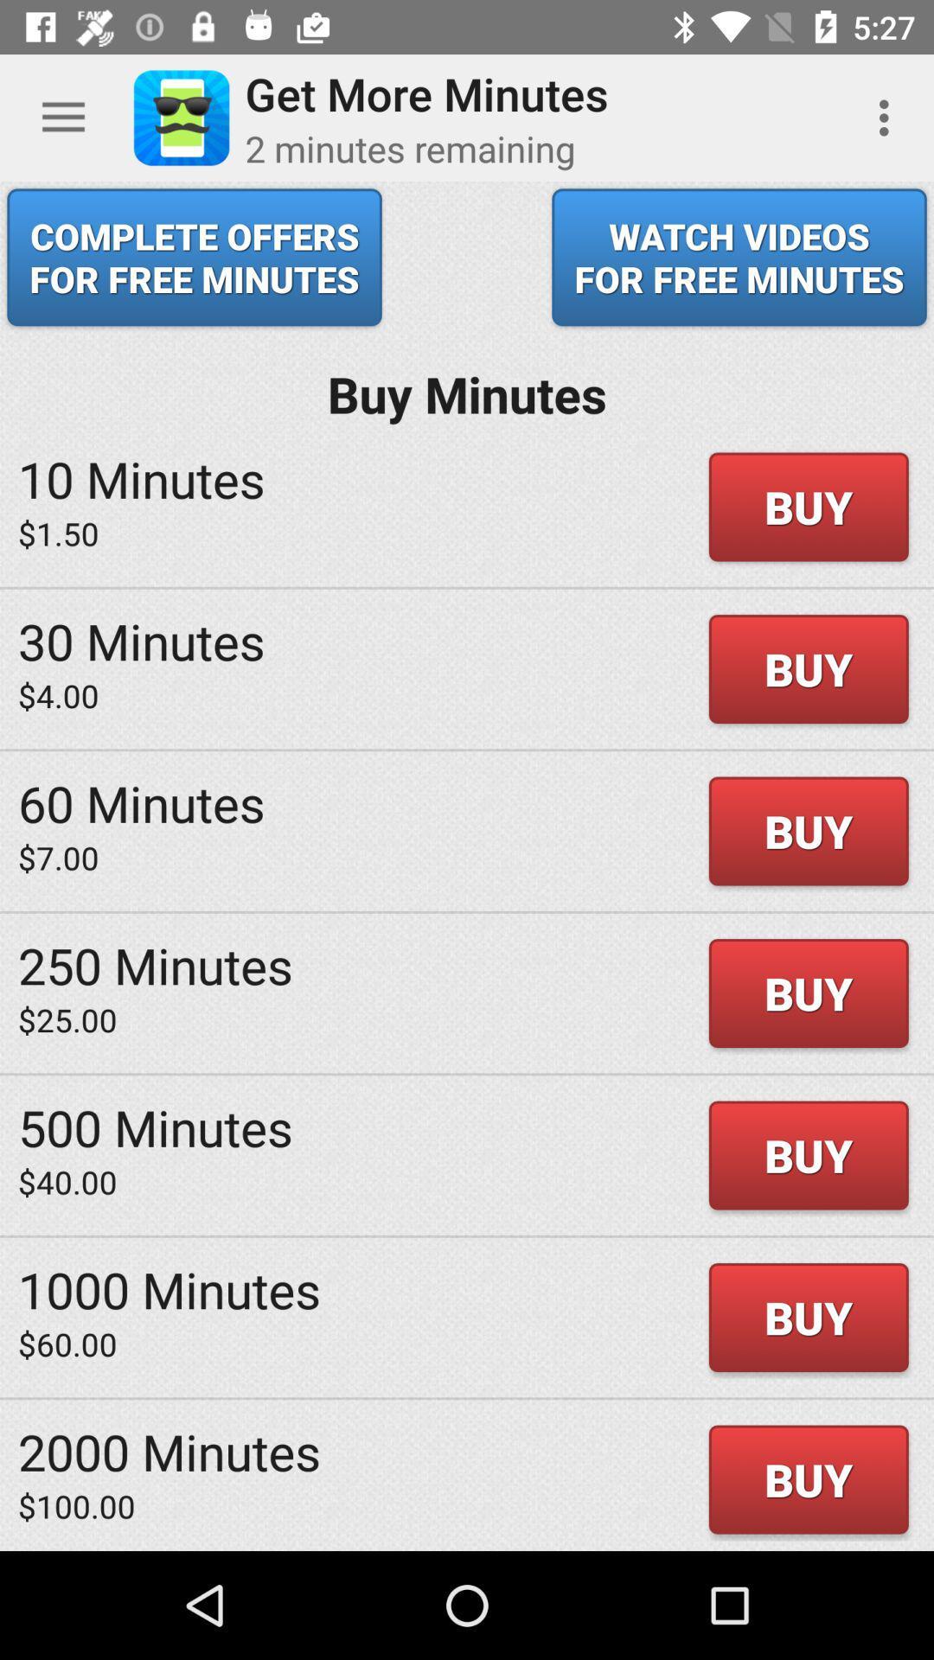  What do you see at coordinates (181, 118) in the screenshot?
I see `the icon which is after menu option` at bounding box center [181, 118].